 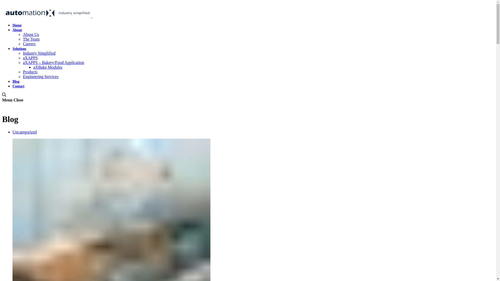 What do you see at coordinates (31, 39) in the screenshot?
I see `'The Team'` at bounding box center [31, 39].